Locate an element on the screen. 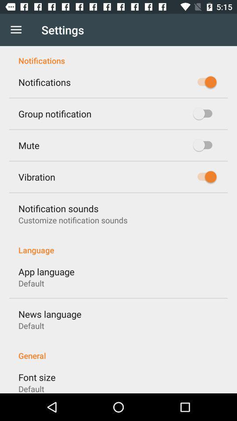 This screenshot has height=421, width=237. item next to settings icon is located at coordinates (16, 30).